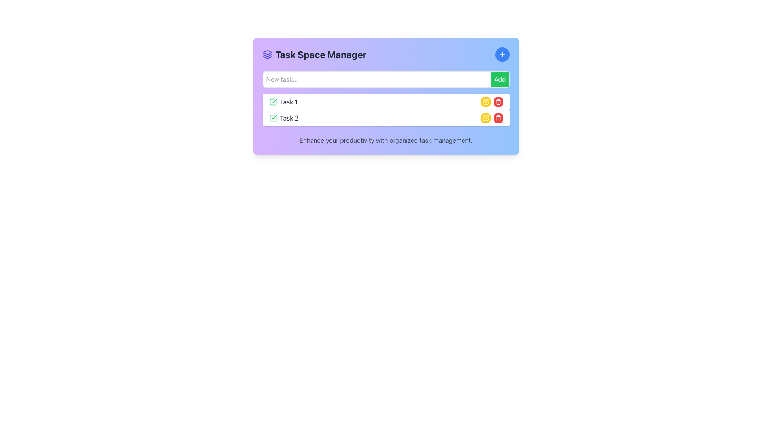  I want to click on the edit icon button located to the right of the second task entry in the task list to modify task details, so click(485, 102).